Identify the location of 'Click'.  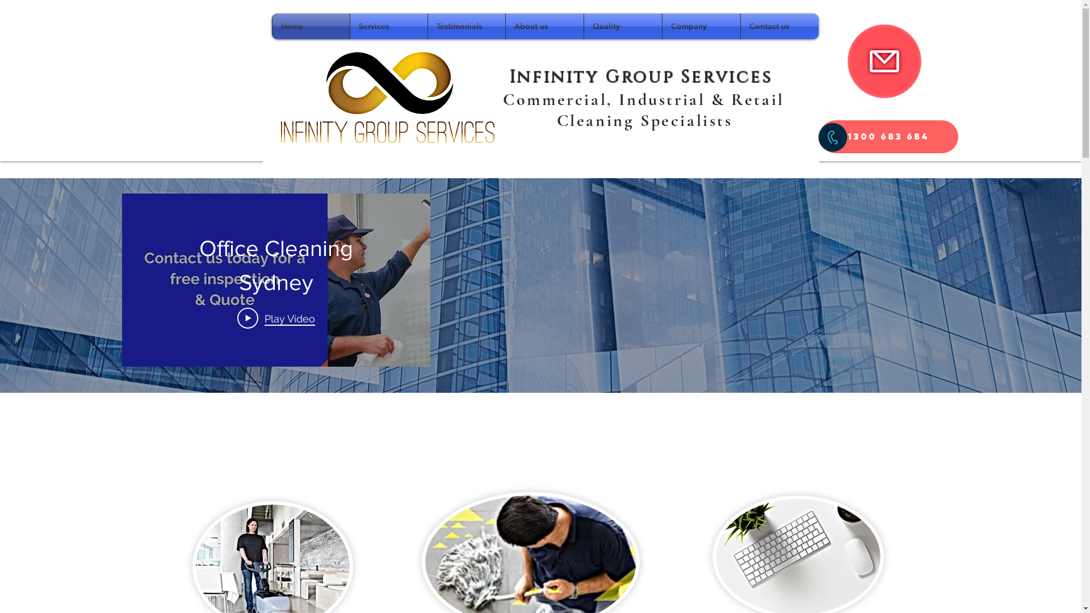
(883, 61).